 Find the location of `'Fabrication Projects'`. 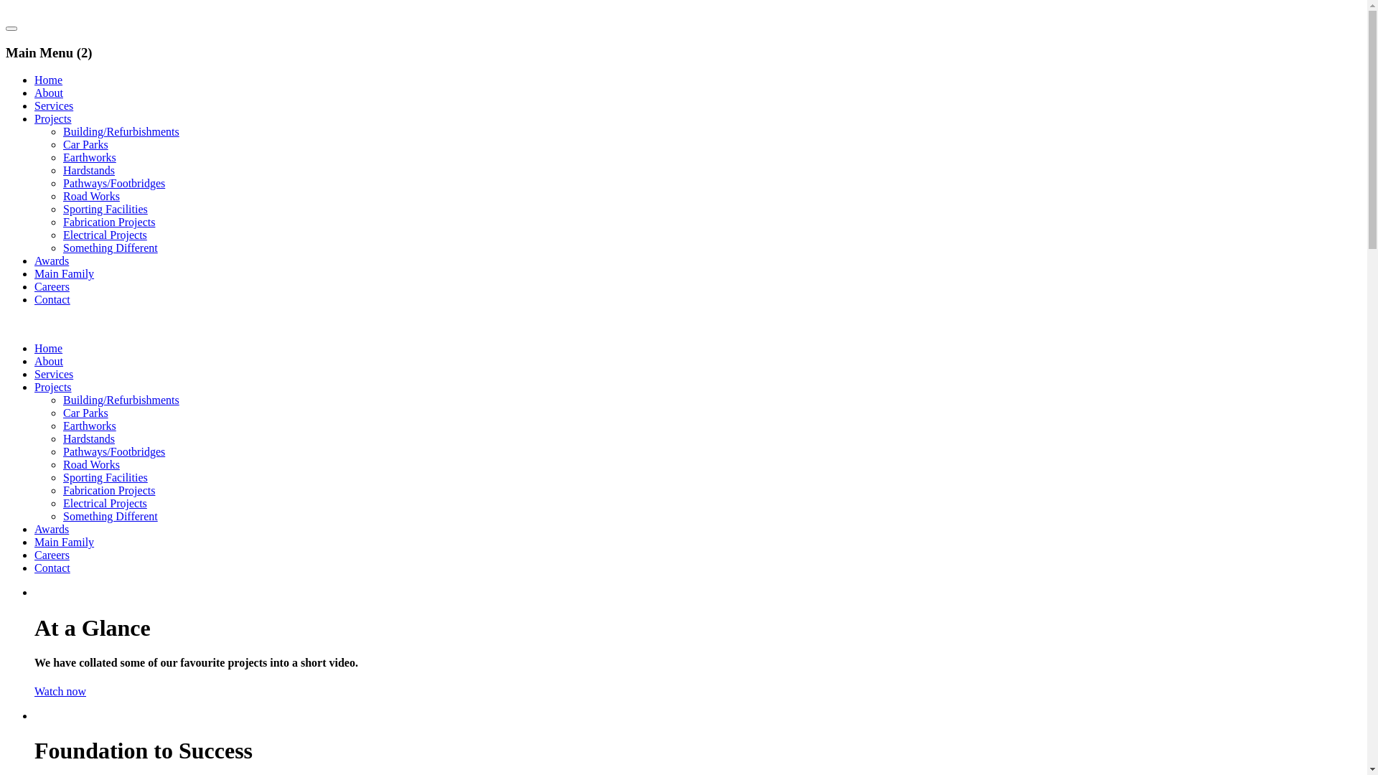

'Fabrication Projects' is located at coordinates (62, 222).